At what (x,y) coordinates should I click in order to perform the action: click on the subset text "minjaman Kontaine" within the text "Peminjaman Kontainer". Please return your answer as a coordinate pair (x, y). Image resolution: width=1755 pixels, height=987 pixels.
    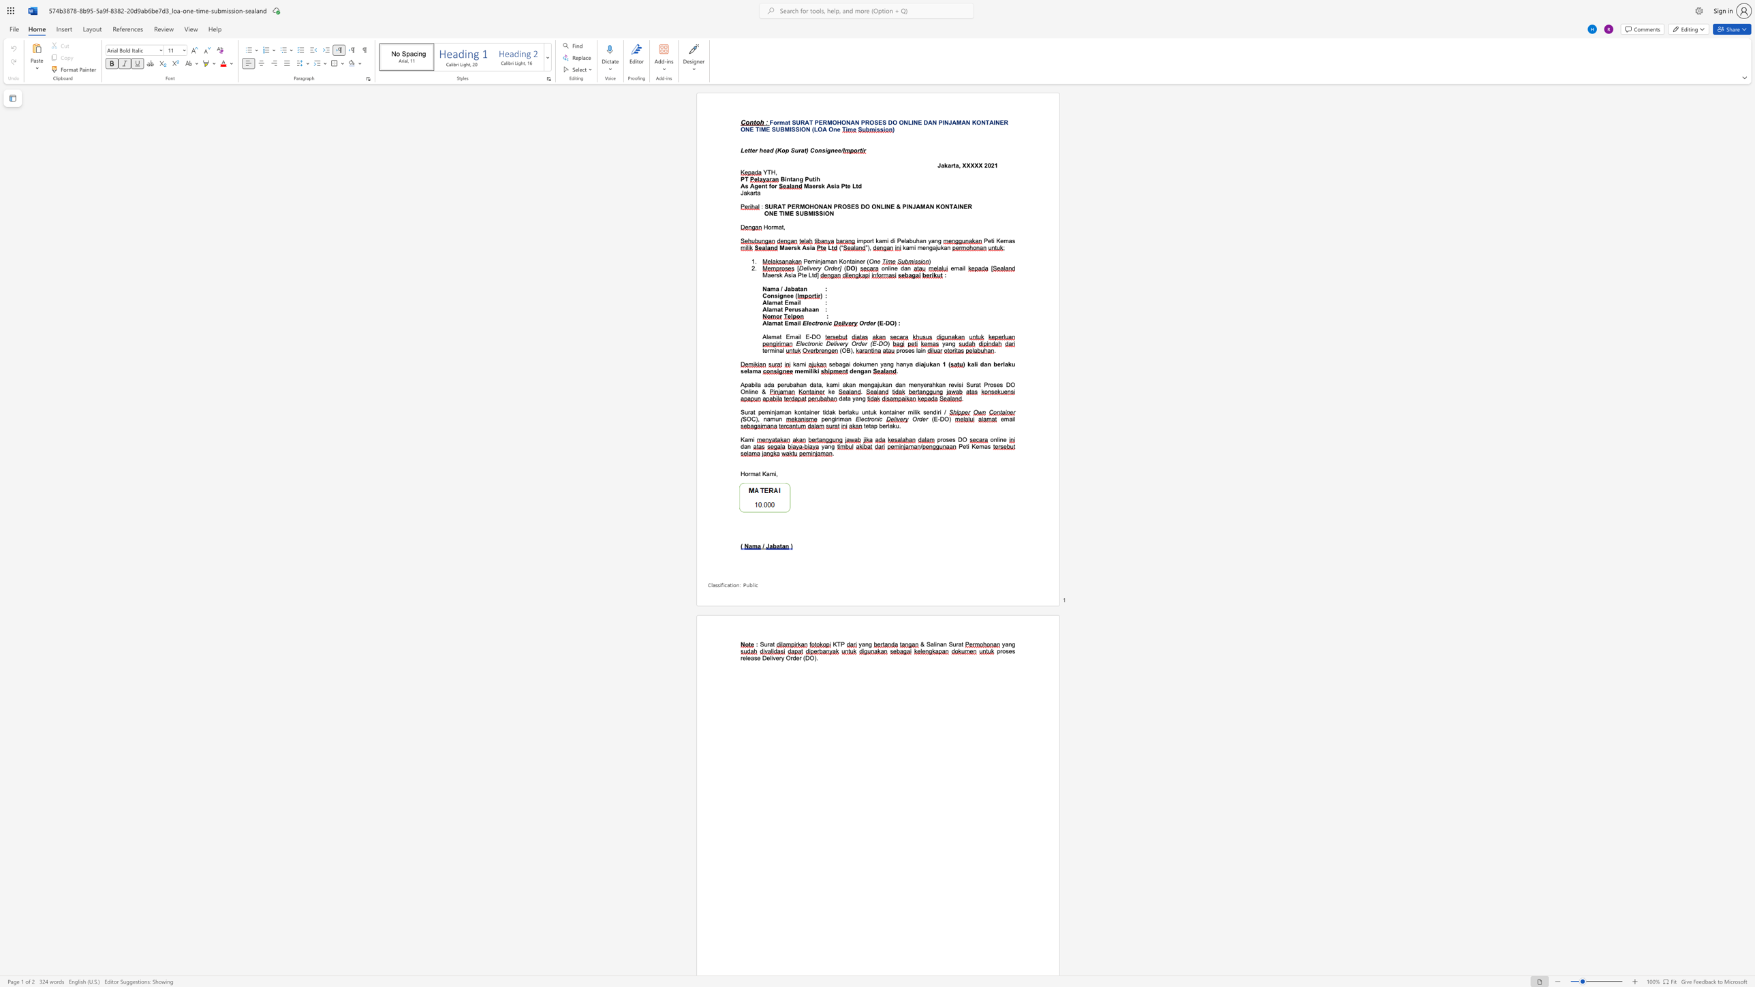
    Looking at the image, I should click on (810, 260).